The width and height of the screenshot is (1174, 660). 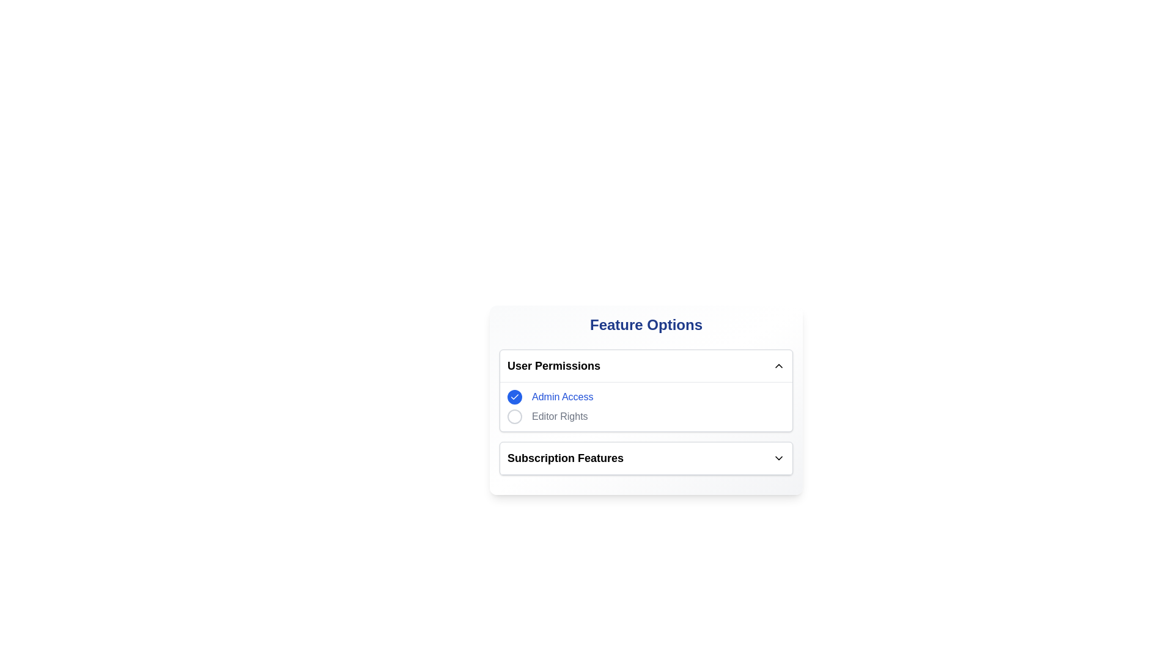 I want to click on the 'Admin Access' option in the User Permissions section, so click(x=645, y=407).